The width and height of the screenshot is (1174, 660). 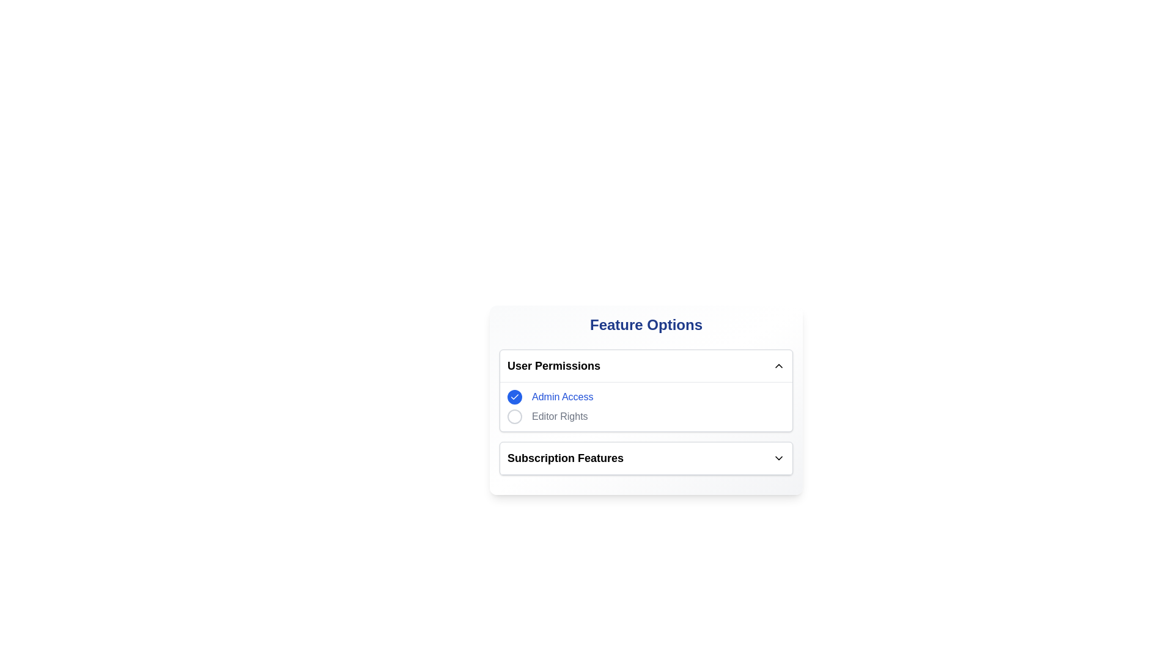 I want to click on the 'Admin Access' option in the User Permissions section, so click(x=645, y=407).